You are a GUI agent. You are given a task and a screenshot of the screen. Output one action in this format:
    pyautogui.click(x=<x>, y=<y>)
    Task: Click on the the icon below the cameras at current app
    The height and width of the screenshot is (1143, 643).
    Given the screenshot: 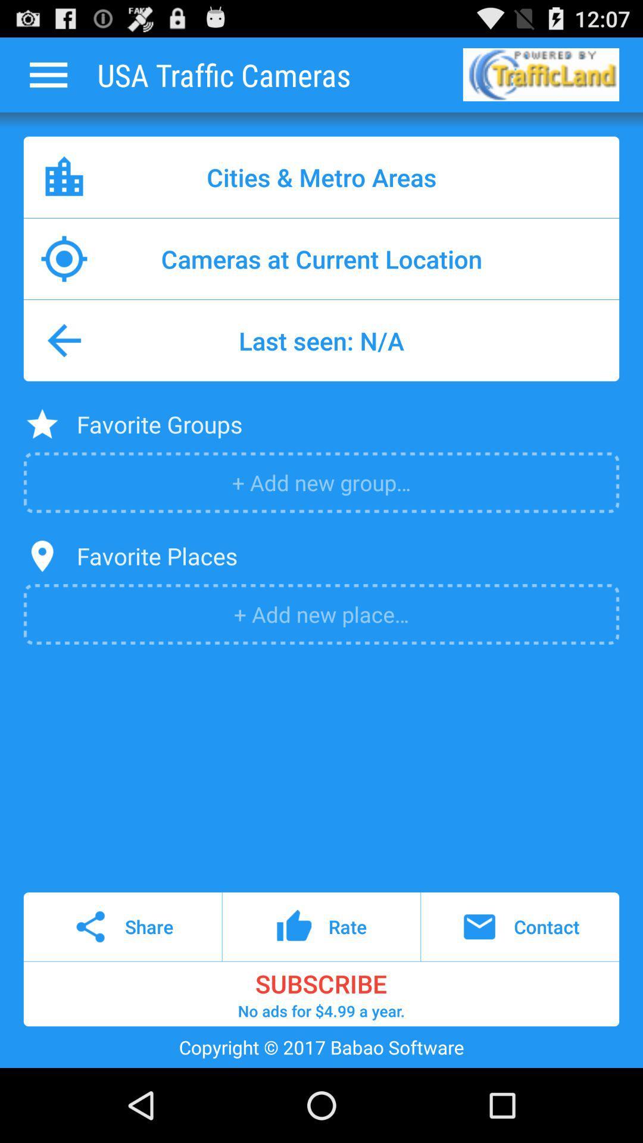 What is the action you would take?
    pyautogui.click(x=321, y=340)
    